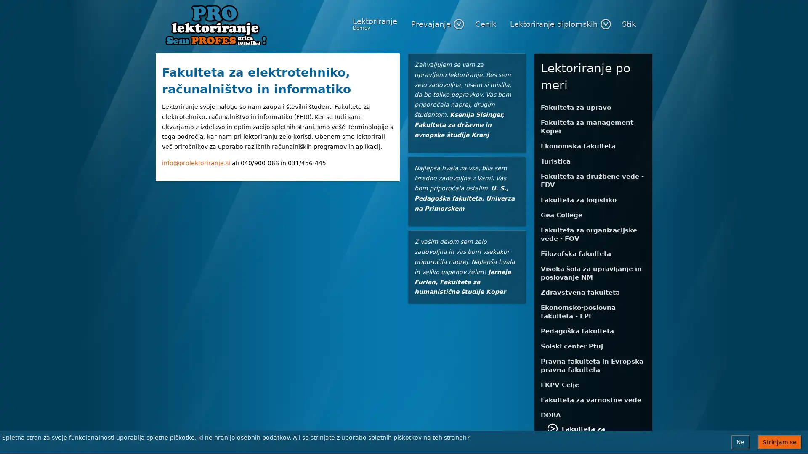 This screenshot has width=808, height=454. Describe the element at coordinates (779, 442) in the screenshot. I see `Strinjam se` at that location.